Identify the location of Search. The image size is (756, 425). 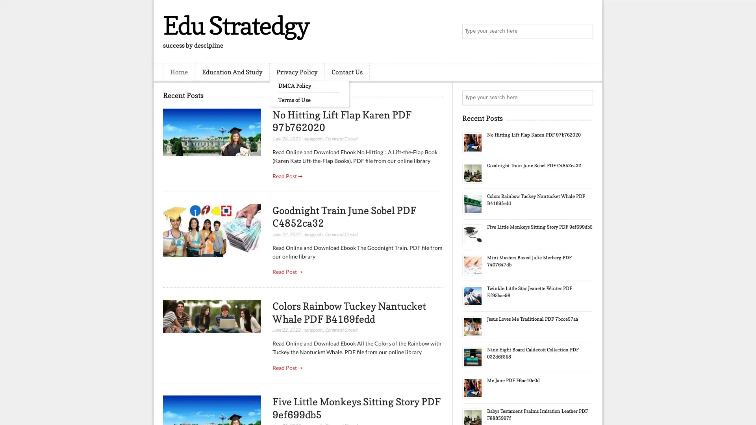
(585, 31).